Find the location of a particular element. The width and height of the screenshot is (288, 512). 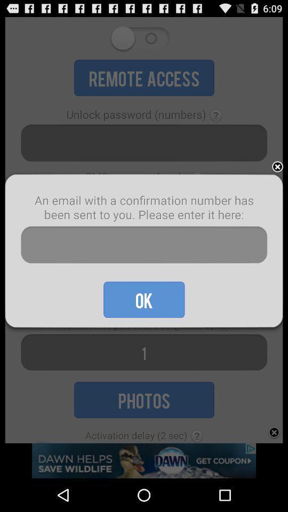

box to type a confirmation number in is located at coordinates (144, 245).